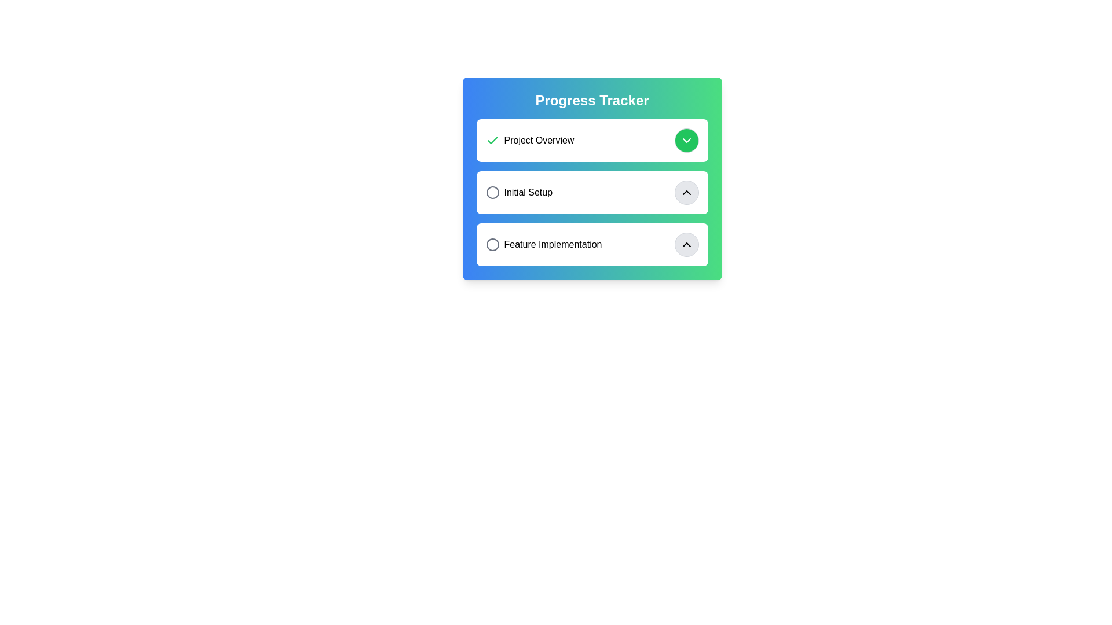 The height and width of the screenshot is (625, 1112). I want to click on context of the text label that describes the second step in the Progress Tracker card, so click(518, 192).